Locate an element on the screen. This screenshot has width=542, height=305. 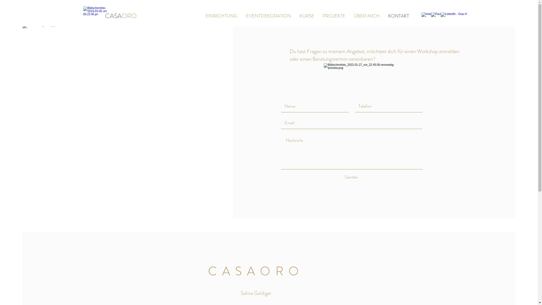
'KURSE' is located at coordinates (306, 16).